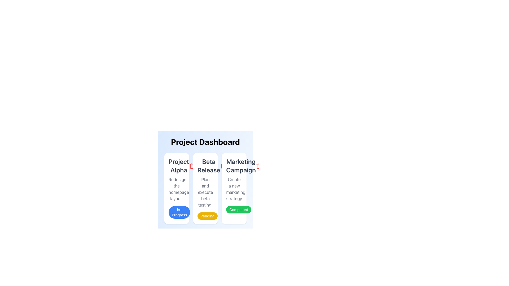 This screenshot has height=286, width=509. What do you see at coordinates (205, 188) in the screenshot?
I see `the 'Pending' button located at the bottom of the 'Beta Release' Display Card, which has a white background and a semi-rounded border` at bounding box center [205, 188].